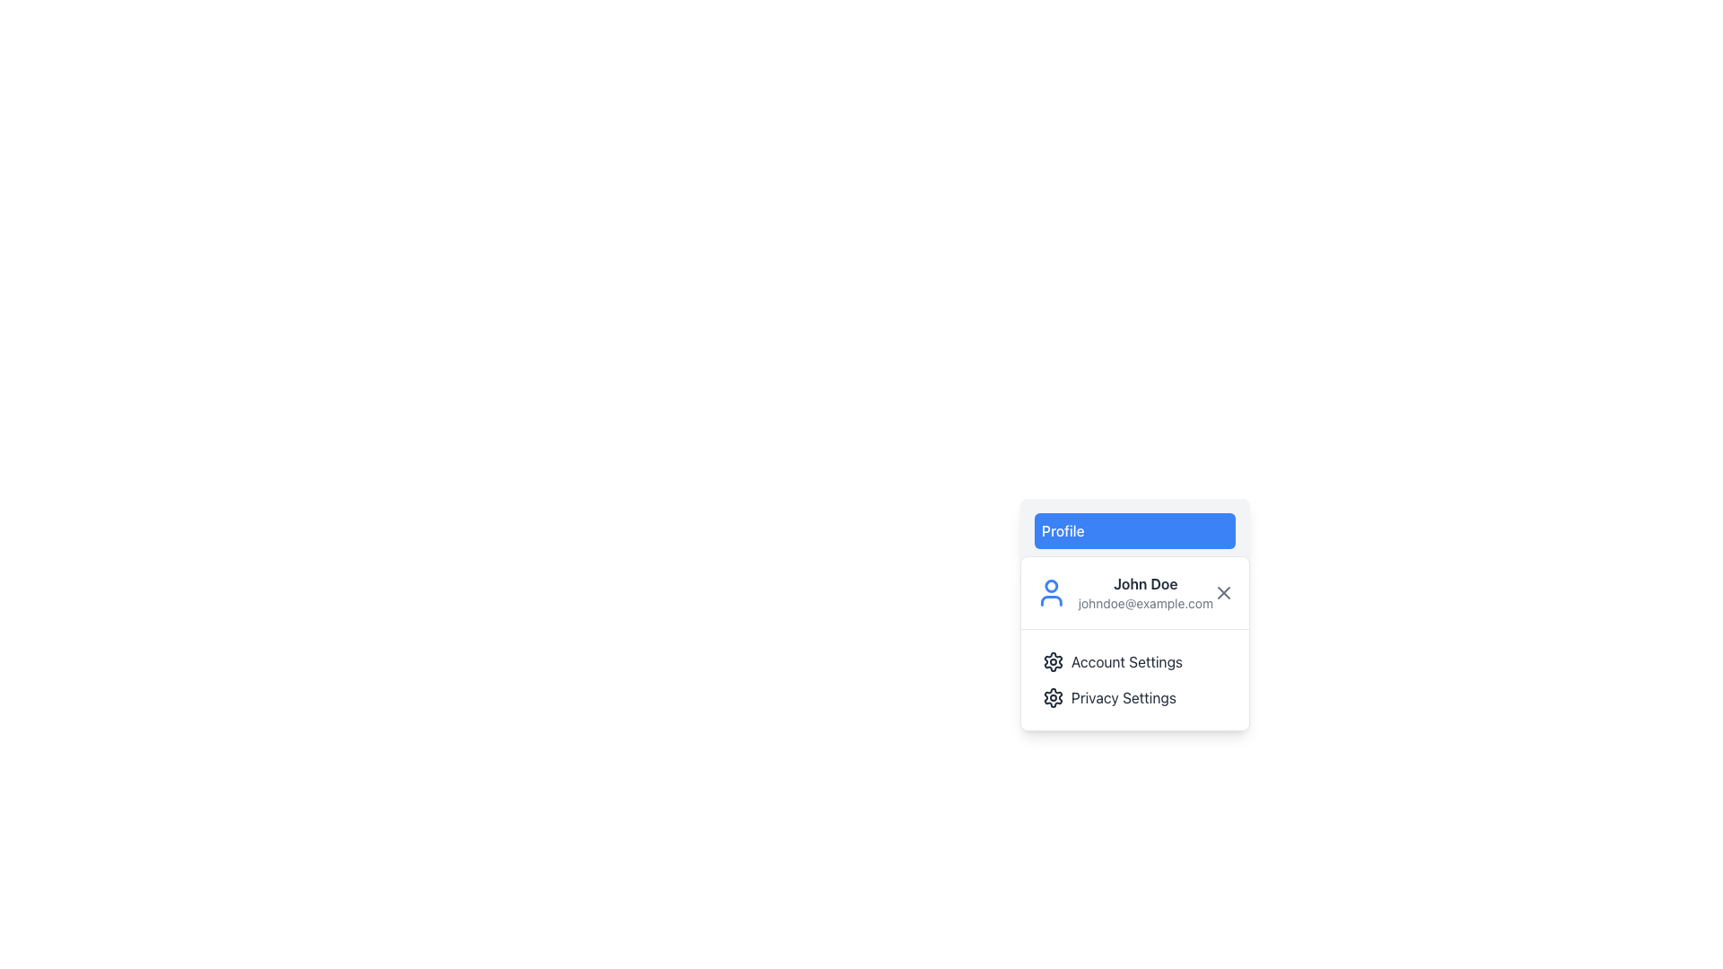 This screenshot has height=969, width=1723. What do you see at coordinates (1134, 529) in the screenshot?
I see `the 'Profile' button, which is a rectangular button with rounded corners and a blue background located above the user details section` at bounding box center [1134, 529].